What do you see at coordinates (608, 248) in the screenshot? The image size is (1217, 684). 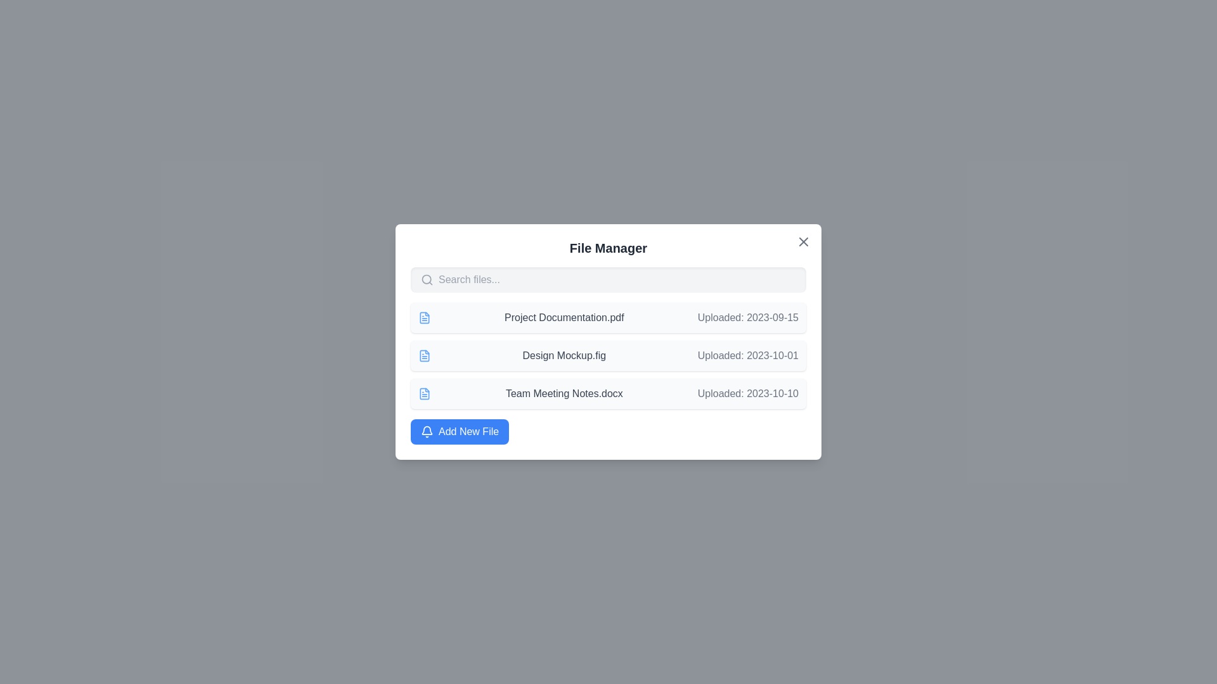 I see `the prominently styled 'File Manager' text header element, which is located at the top center of the modal interface, above the search bar and file list section` at bounding box center [608, 248].